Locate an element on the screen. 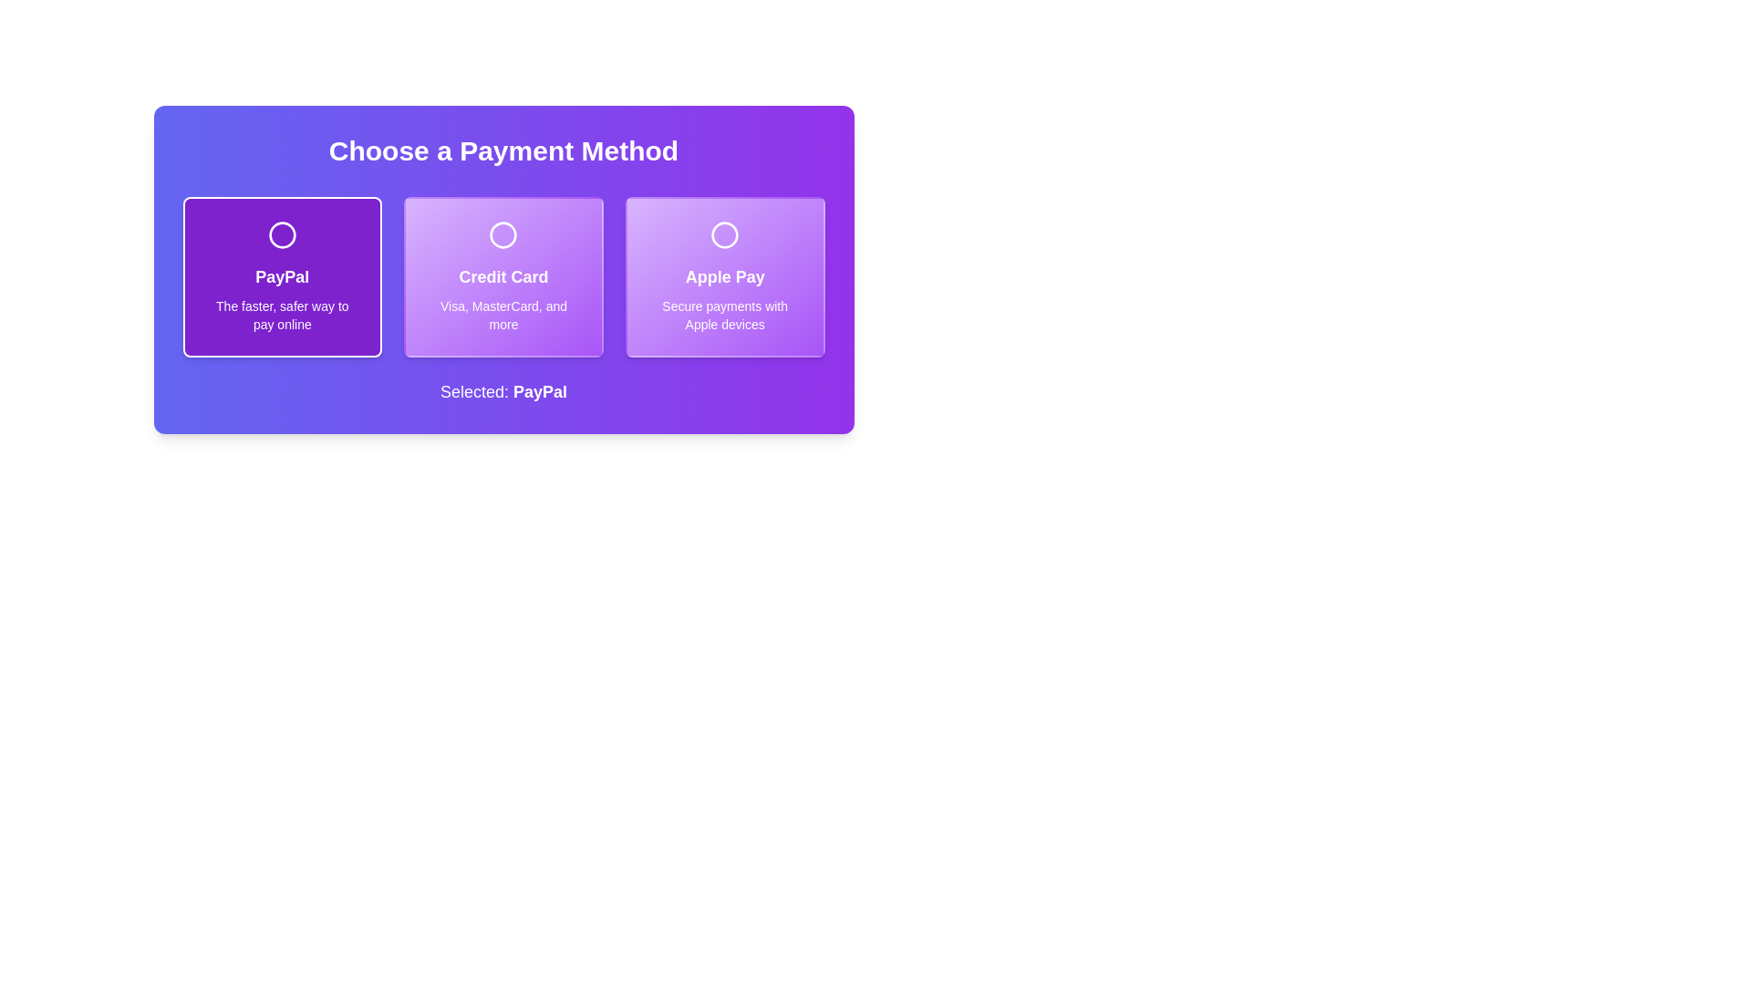 The image size is (1751, 985). the interactive selection indicator icon for the Apple Pay option, which is centrally located above the texts 'Apple Pay' and 'Secure payments with Apple devices' is located at coordinates (724, 234).